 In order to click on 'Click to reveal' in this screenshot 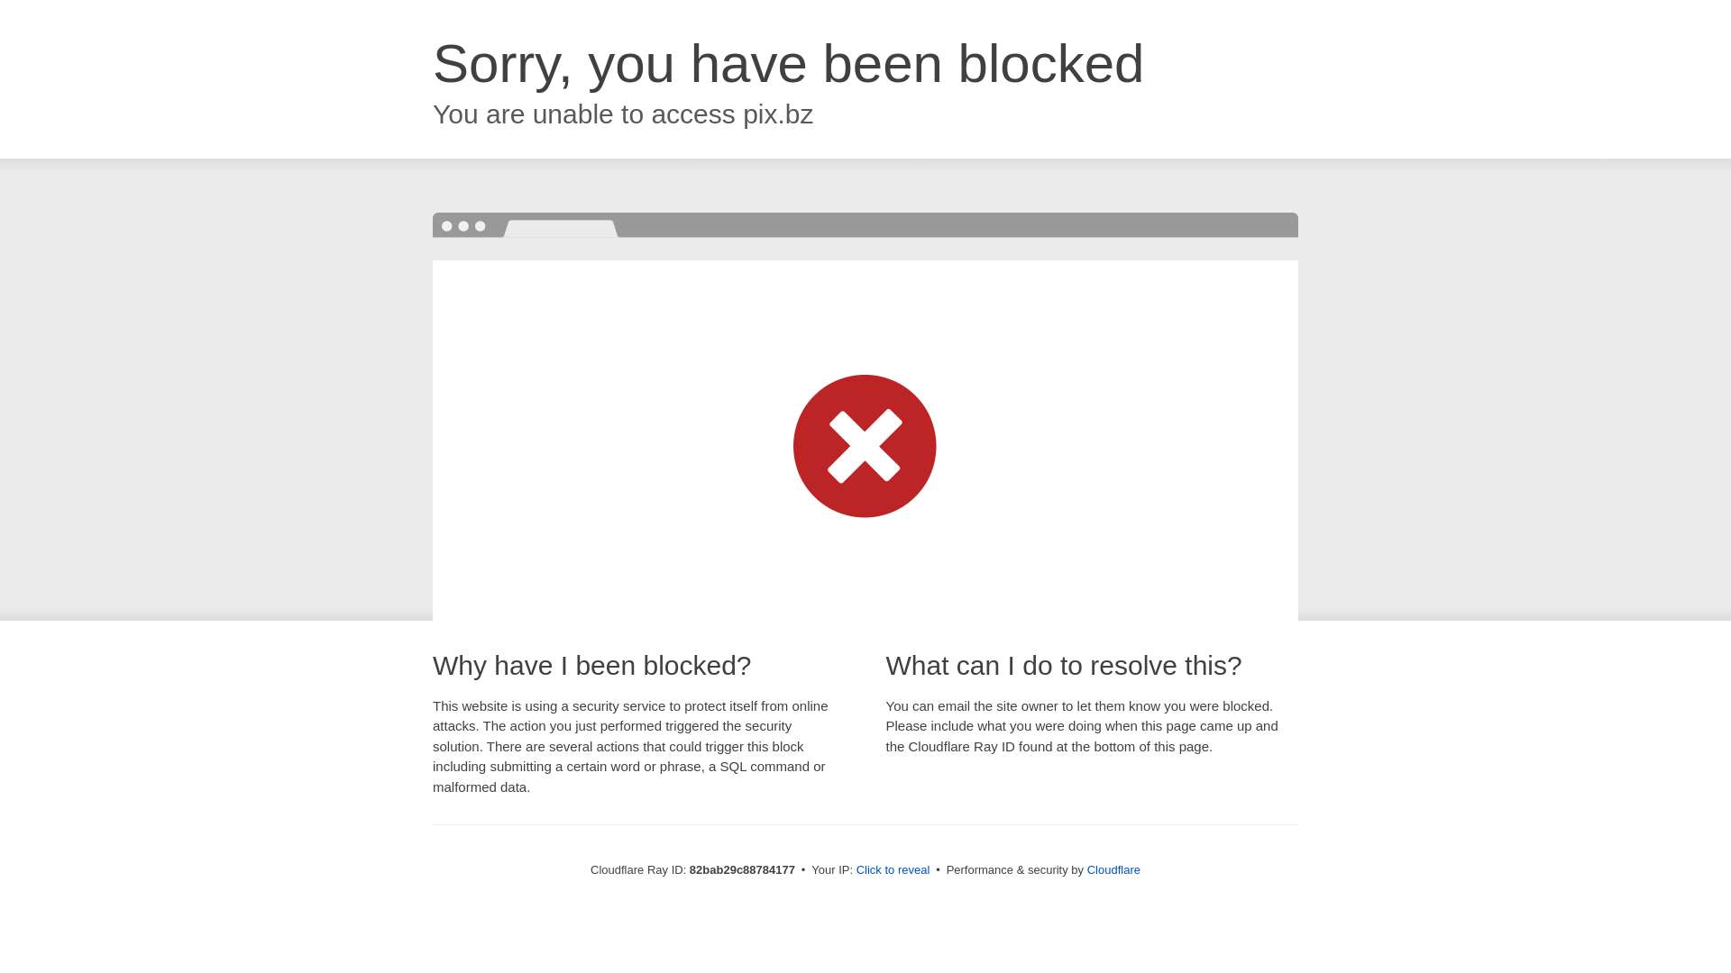, I will do `click(893, 868)`.